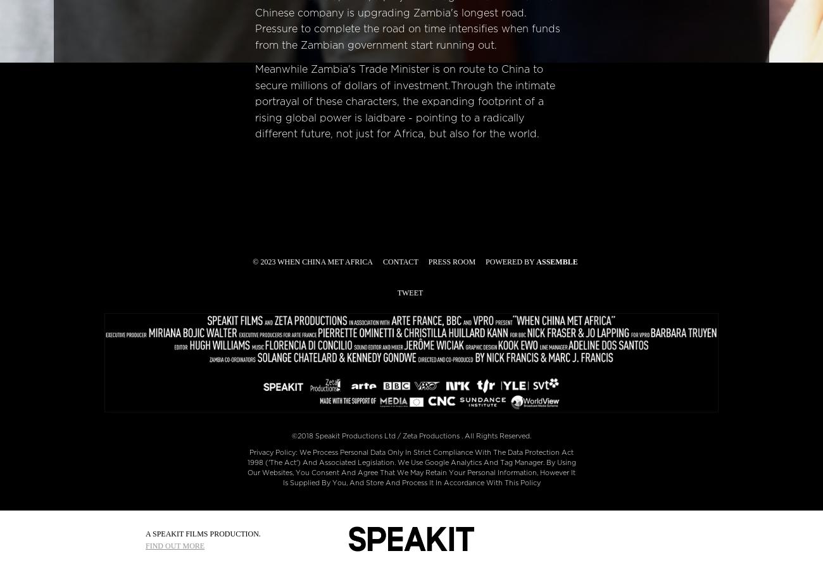 The height and width of the screenshot is (570, 823). I want to click on 'Contact', so click(400, 261).